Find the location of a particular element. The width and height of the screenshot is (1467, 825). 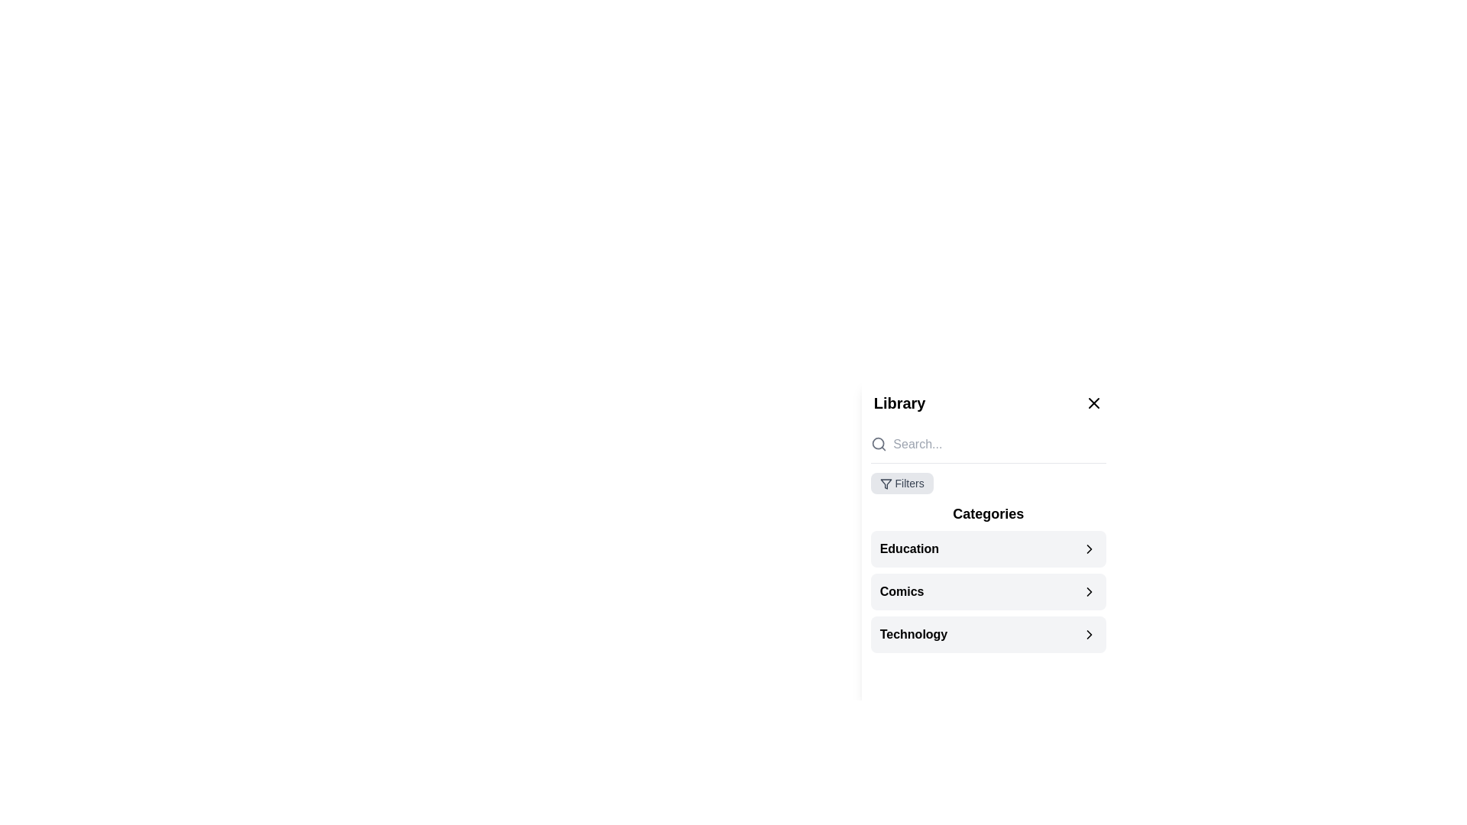

the Chevron icon located to the right of the 'Technology' text in the sidebar is located at coordinates (1088, 634).